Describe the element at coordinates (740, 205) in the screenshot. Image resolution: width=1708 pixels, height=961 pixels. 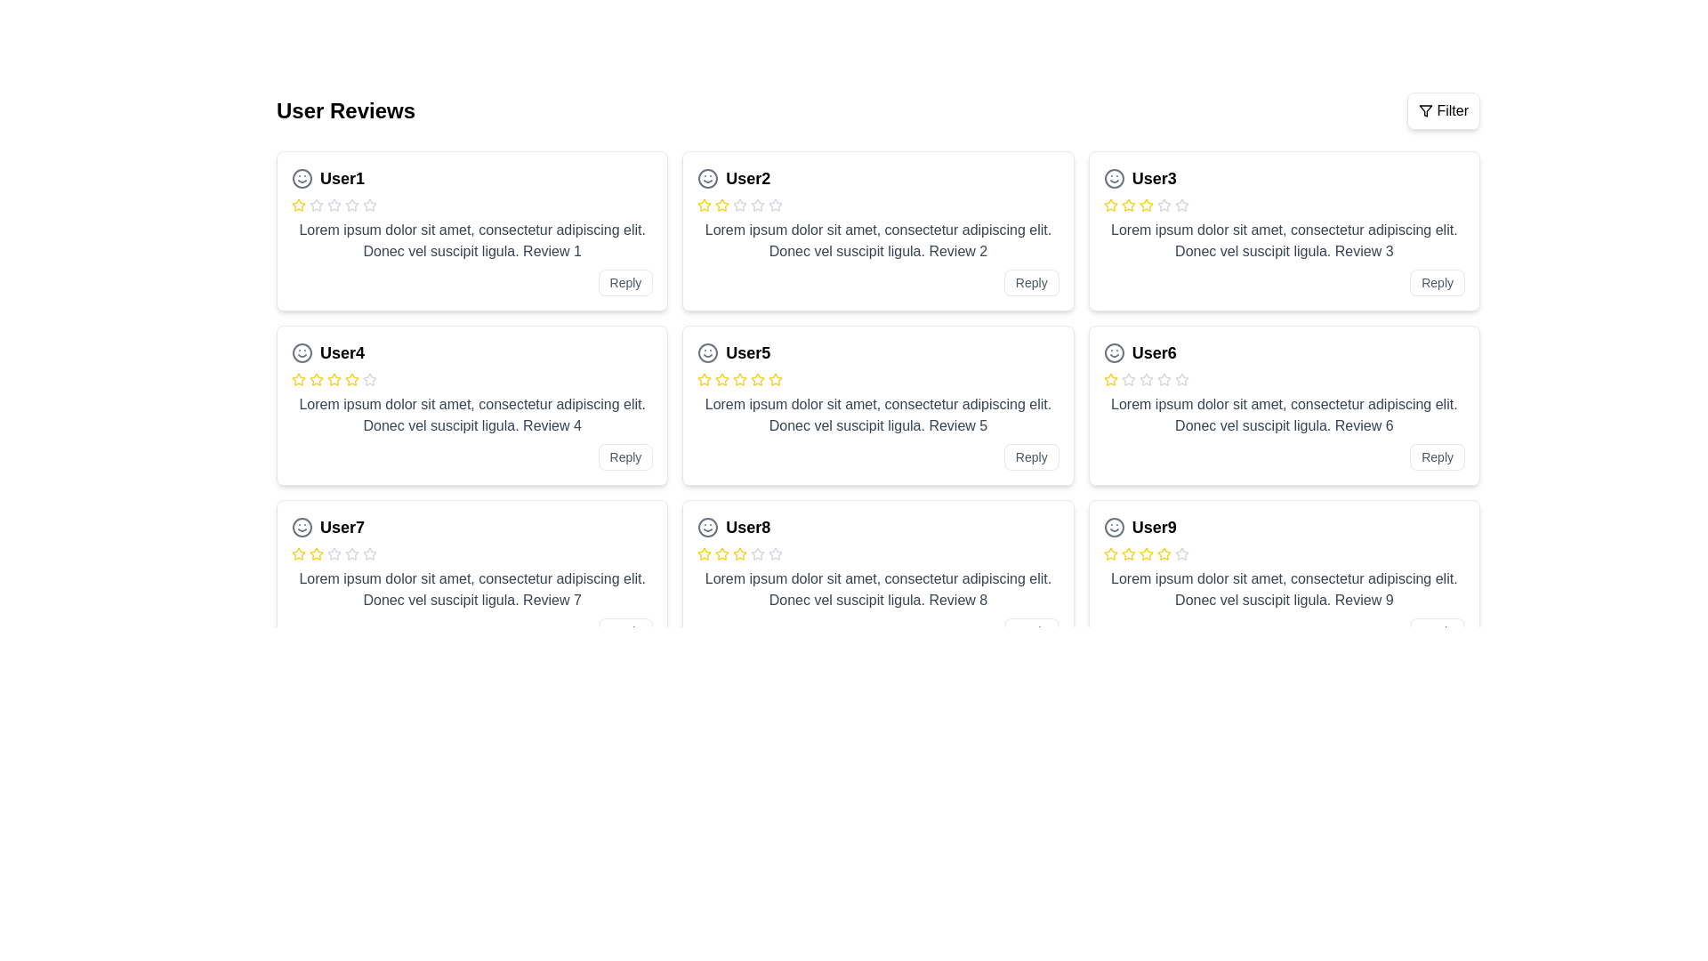
I see `the unhighlighted star icon in the user review rating system for 'User2' to enhance accessibility` at that location.